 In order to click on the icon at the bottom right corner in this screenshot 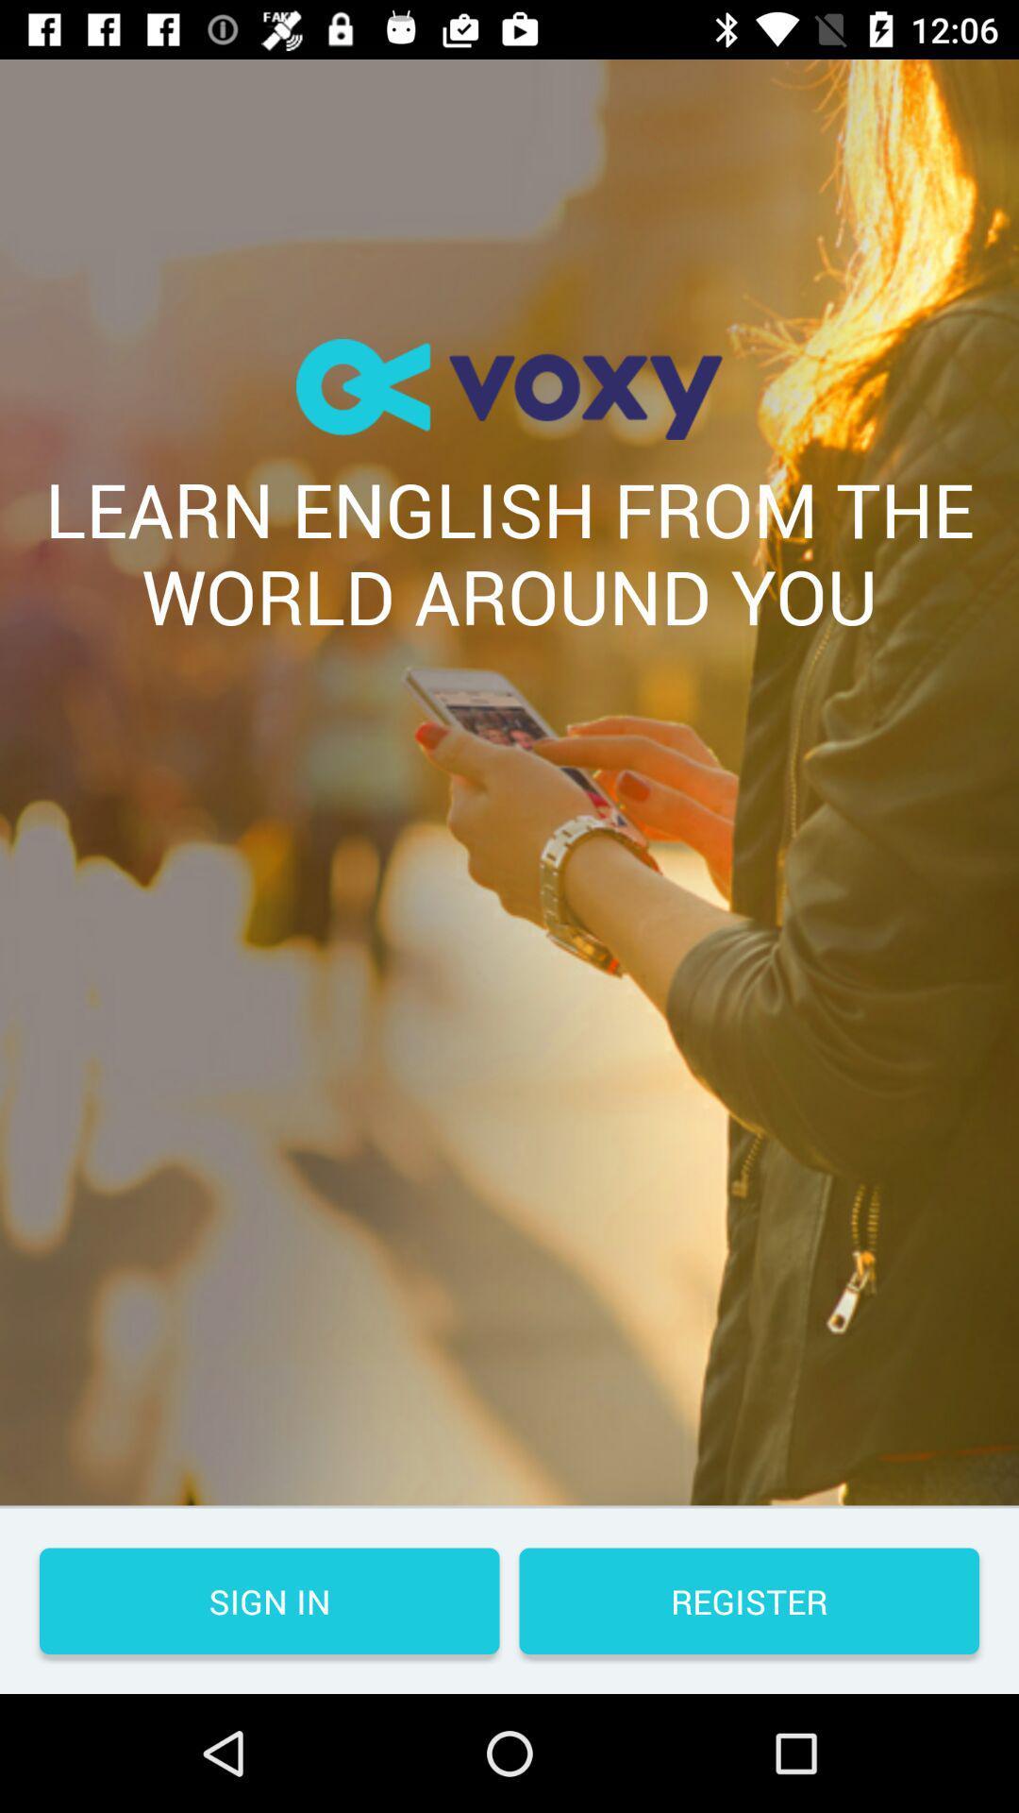, I will do `click(748, 1600)`.